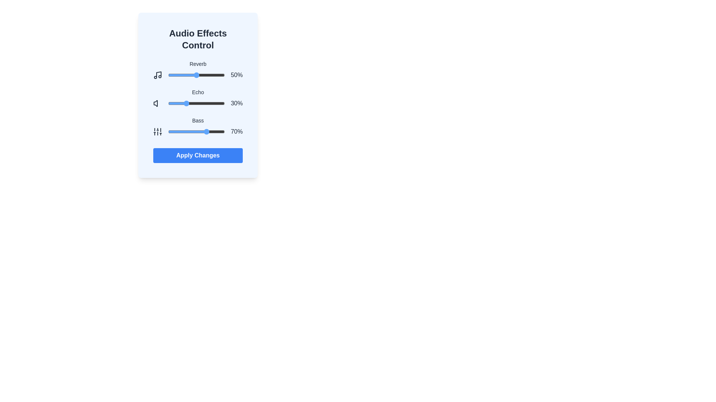  I want to click on the reverb effect, so click(182, 75).